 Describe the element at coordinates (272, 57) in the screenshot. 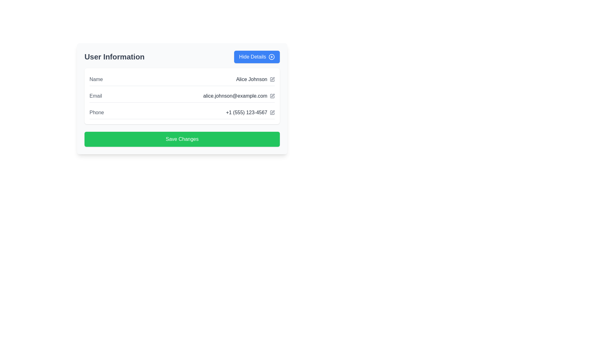

I see `the circular boundary component of the plus icon located next to the 'Hide Details' button in the upper section of the user interface` at that location.